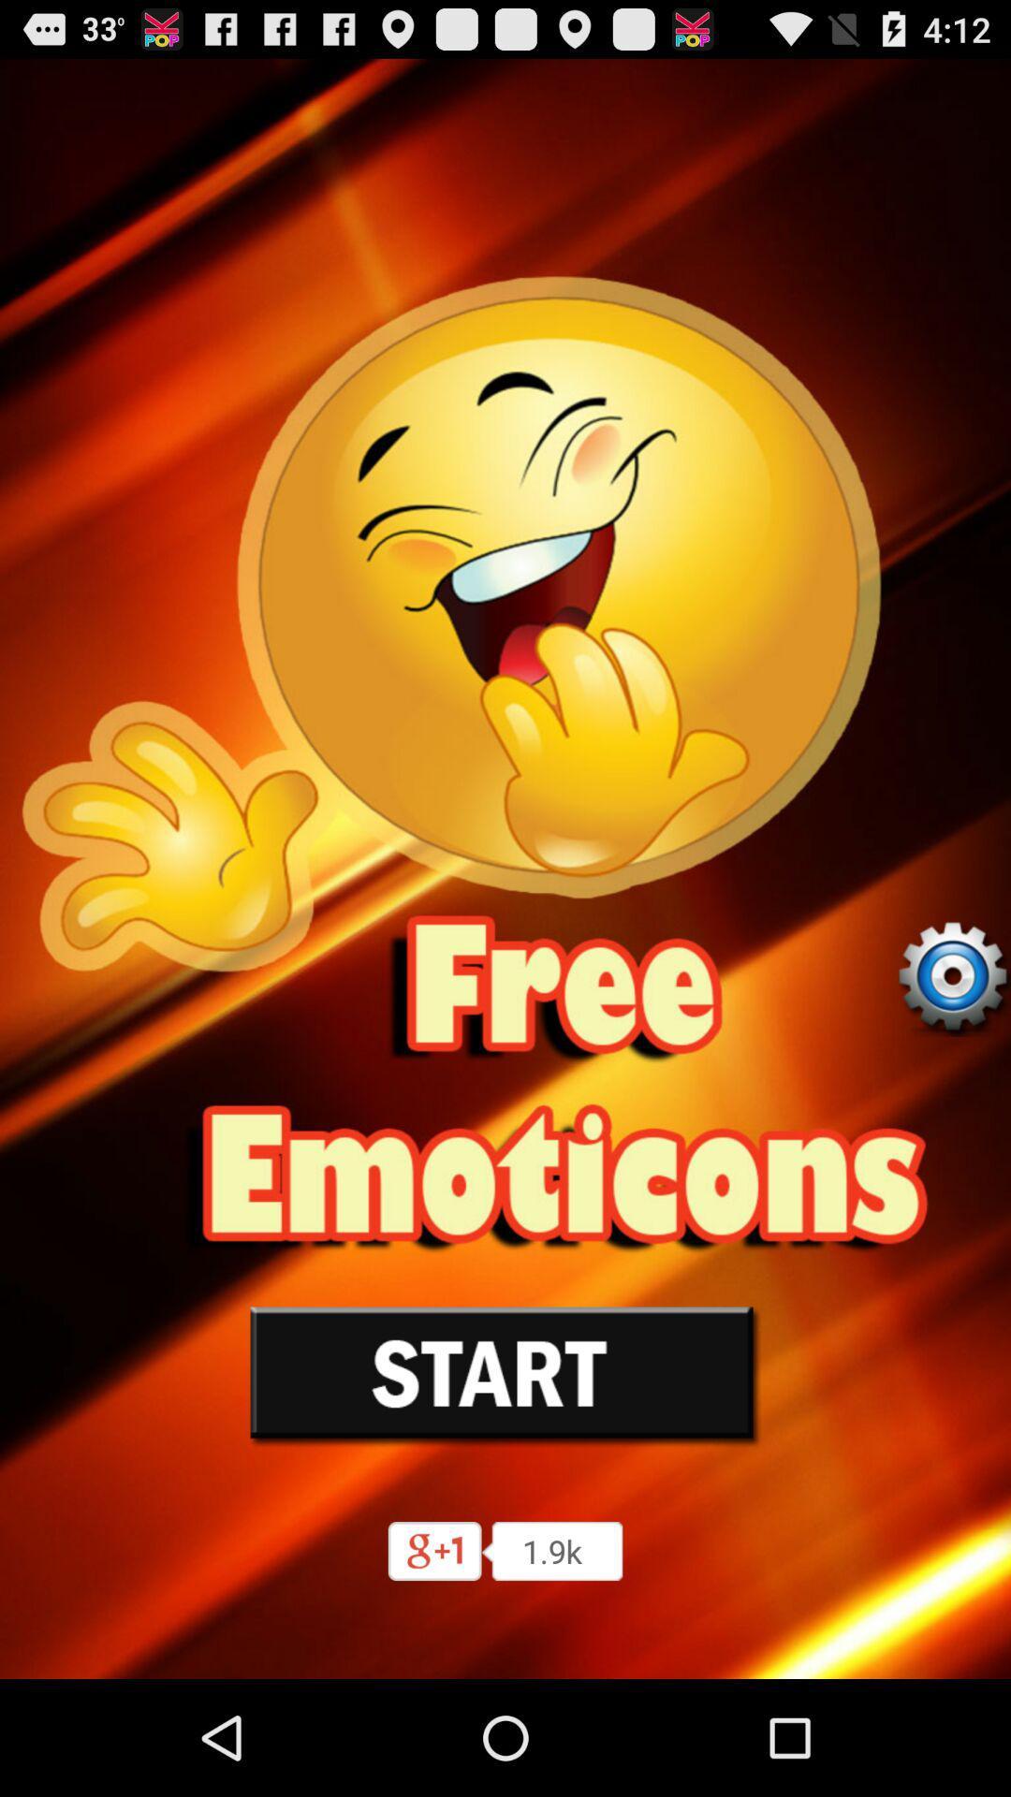 This screenshot has height=1797, width=1011. I want to click on settings, so click(952, 976).